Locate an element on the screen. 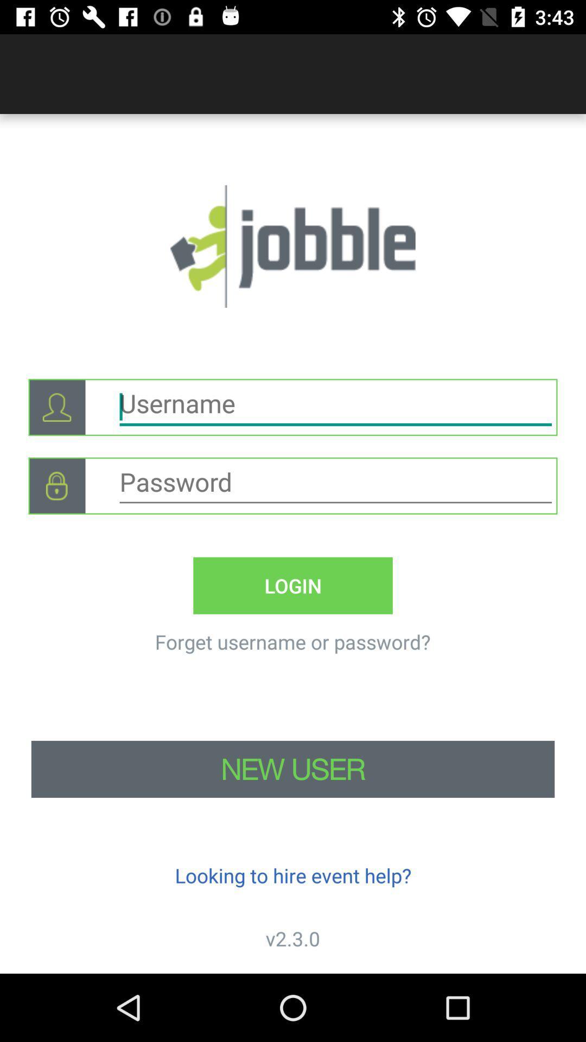 This screenshot has width=586, height=1042. the icon above new user icon is located at coordinates (292, 641).